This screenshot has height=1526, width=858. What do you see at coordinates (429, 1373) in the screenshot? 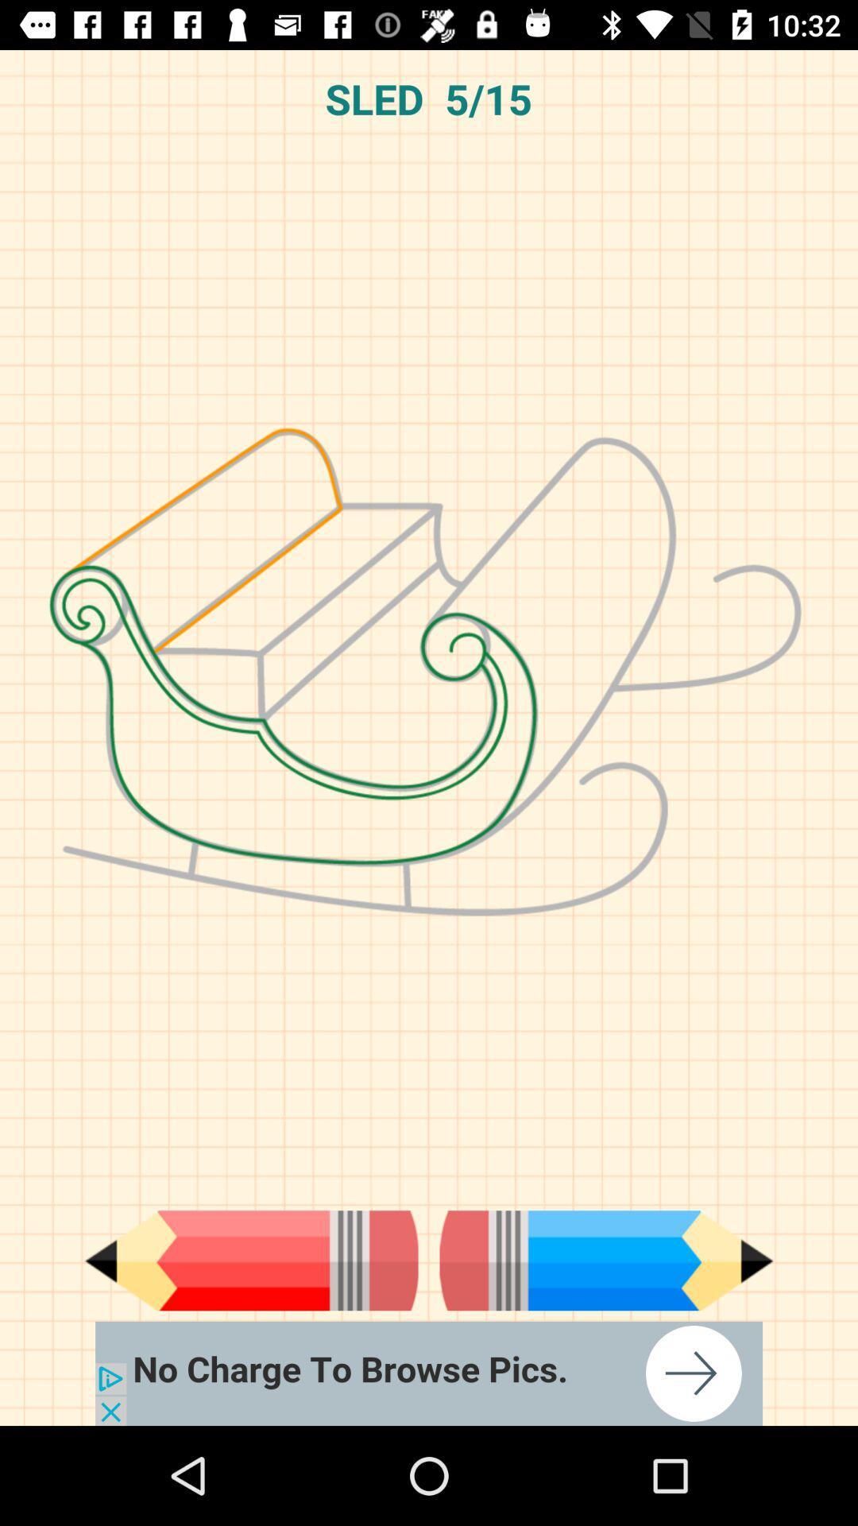
I see `go to` at bounding box center [429, 1373].